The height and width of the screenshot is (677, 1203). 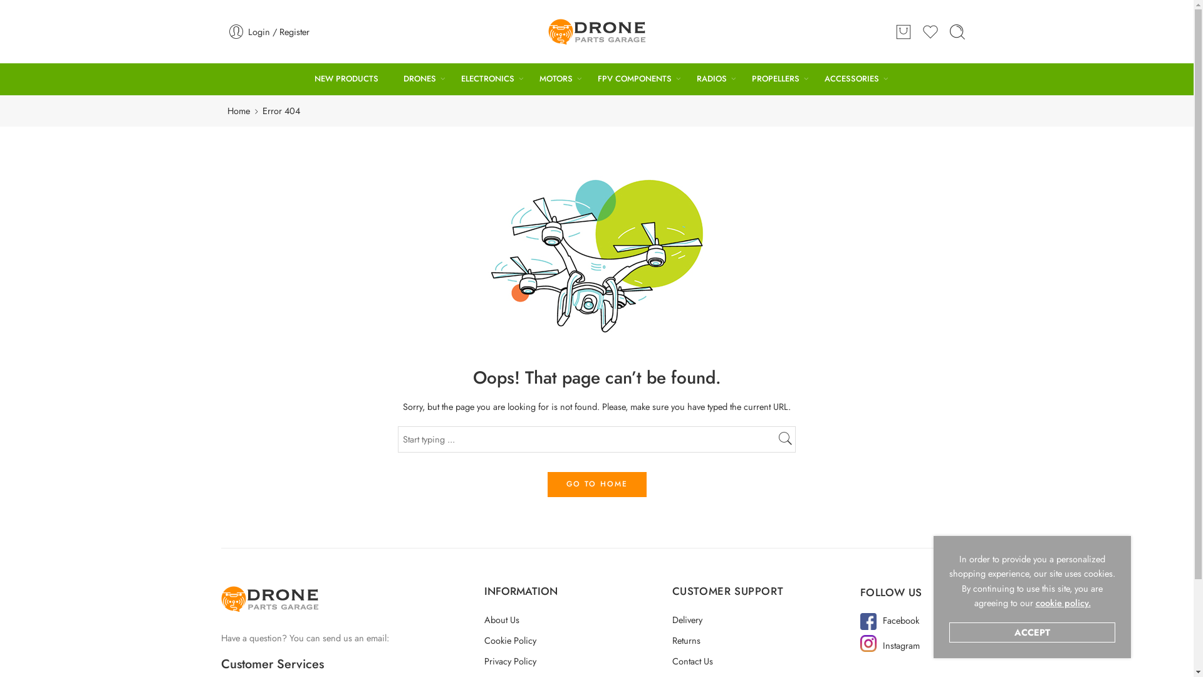 What do you see at coordinates (775, 79) in the screenshot?
I see `'PROPELLERS'` at bounding box center [775, 79].